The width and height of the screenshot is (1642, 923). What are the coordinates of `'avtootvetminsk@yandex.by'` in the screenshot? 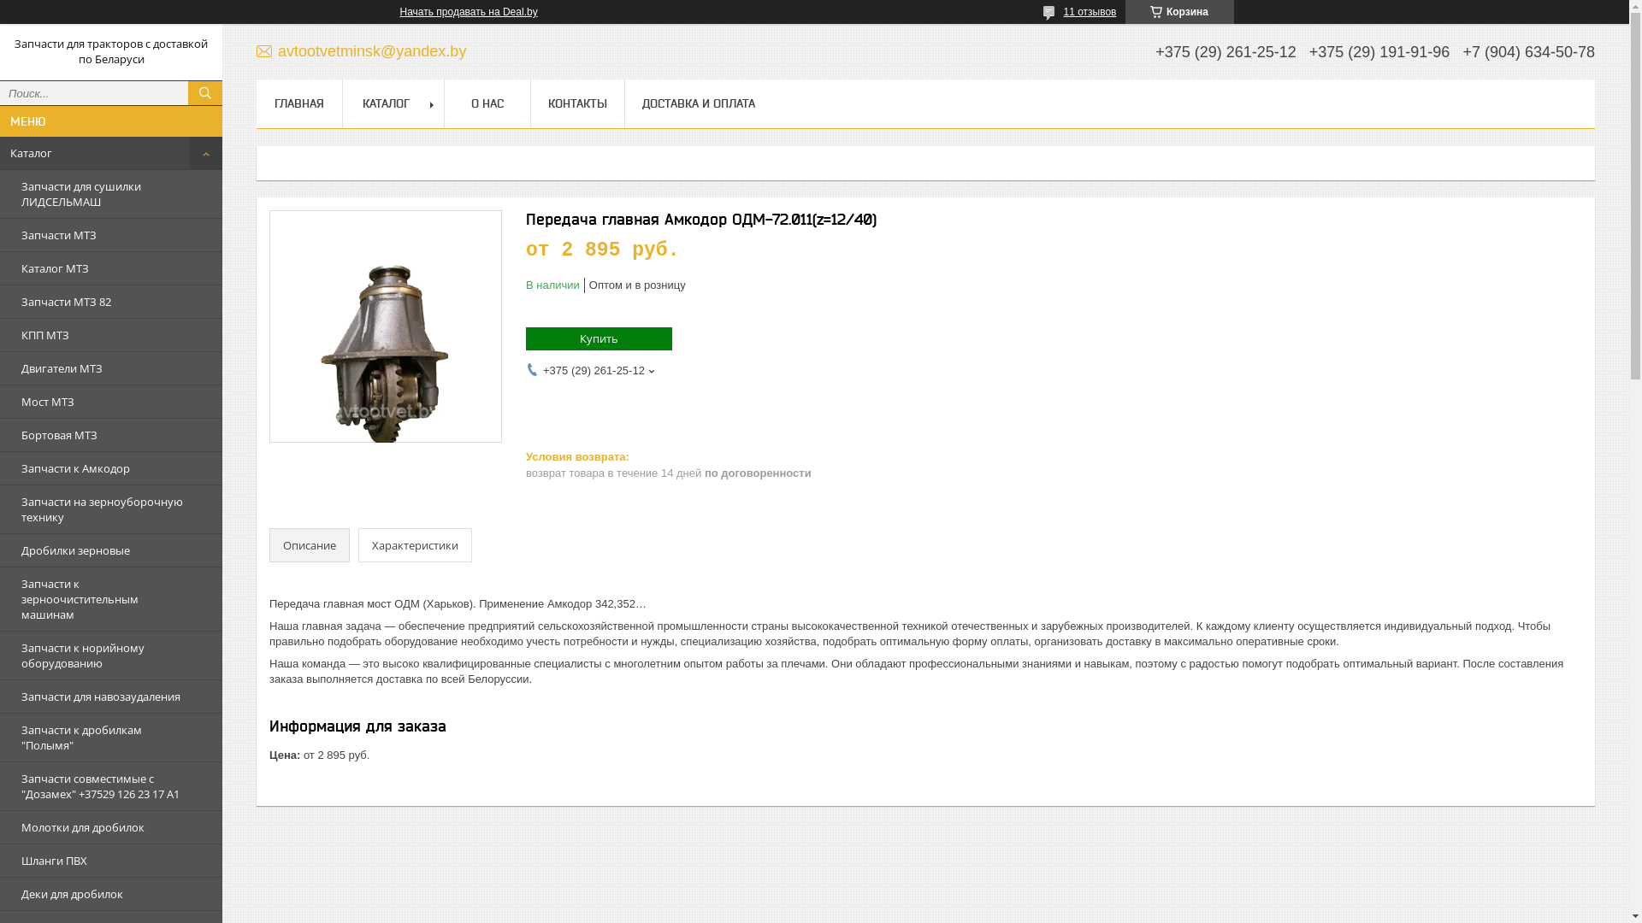 It's located at (255, 50).